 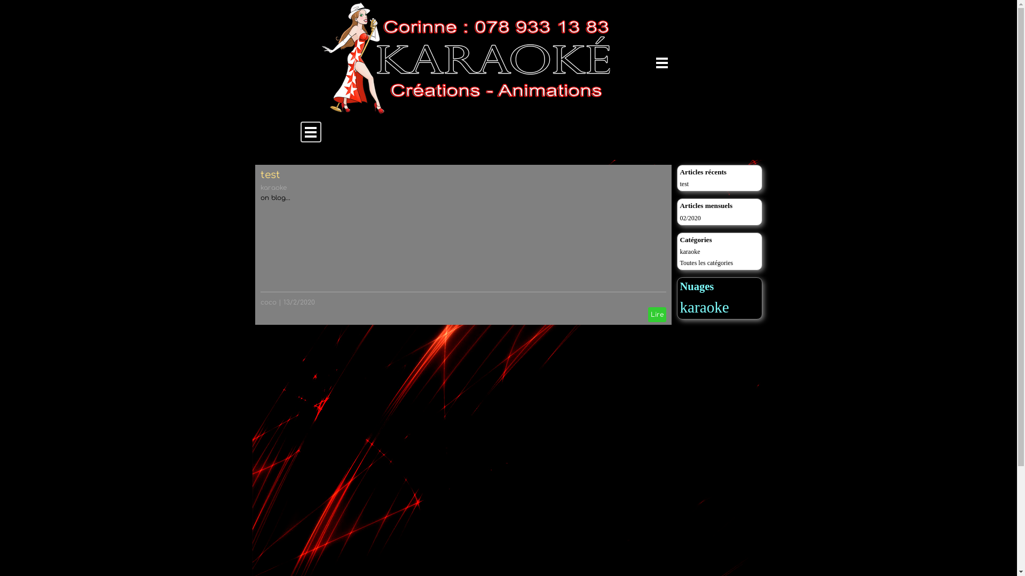 I want to click on 'karaoke', so click(x=273, y=187).